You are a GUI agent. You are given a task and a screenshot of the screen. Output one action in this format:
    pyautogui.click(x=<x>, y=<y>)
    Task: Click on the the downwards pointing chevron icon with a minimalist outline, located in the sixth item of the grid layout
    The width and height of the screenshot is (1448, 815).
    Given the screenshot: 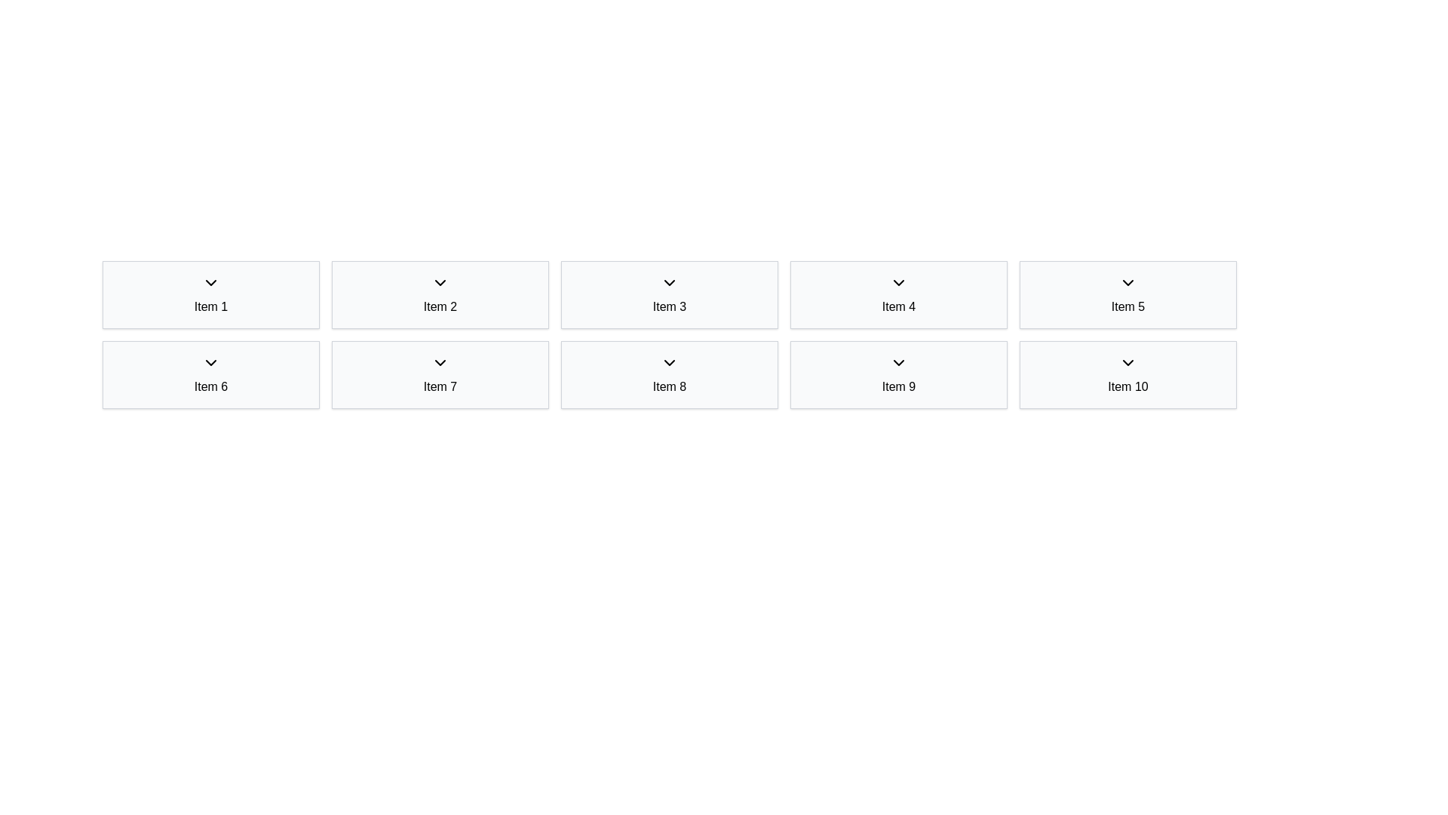 What is the action you would take?
    pyautogui.click(x=210, y=363)
    